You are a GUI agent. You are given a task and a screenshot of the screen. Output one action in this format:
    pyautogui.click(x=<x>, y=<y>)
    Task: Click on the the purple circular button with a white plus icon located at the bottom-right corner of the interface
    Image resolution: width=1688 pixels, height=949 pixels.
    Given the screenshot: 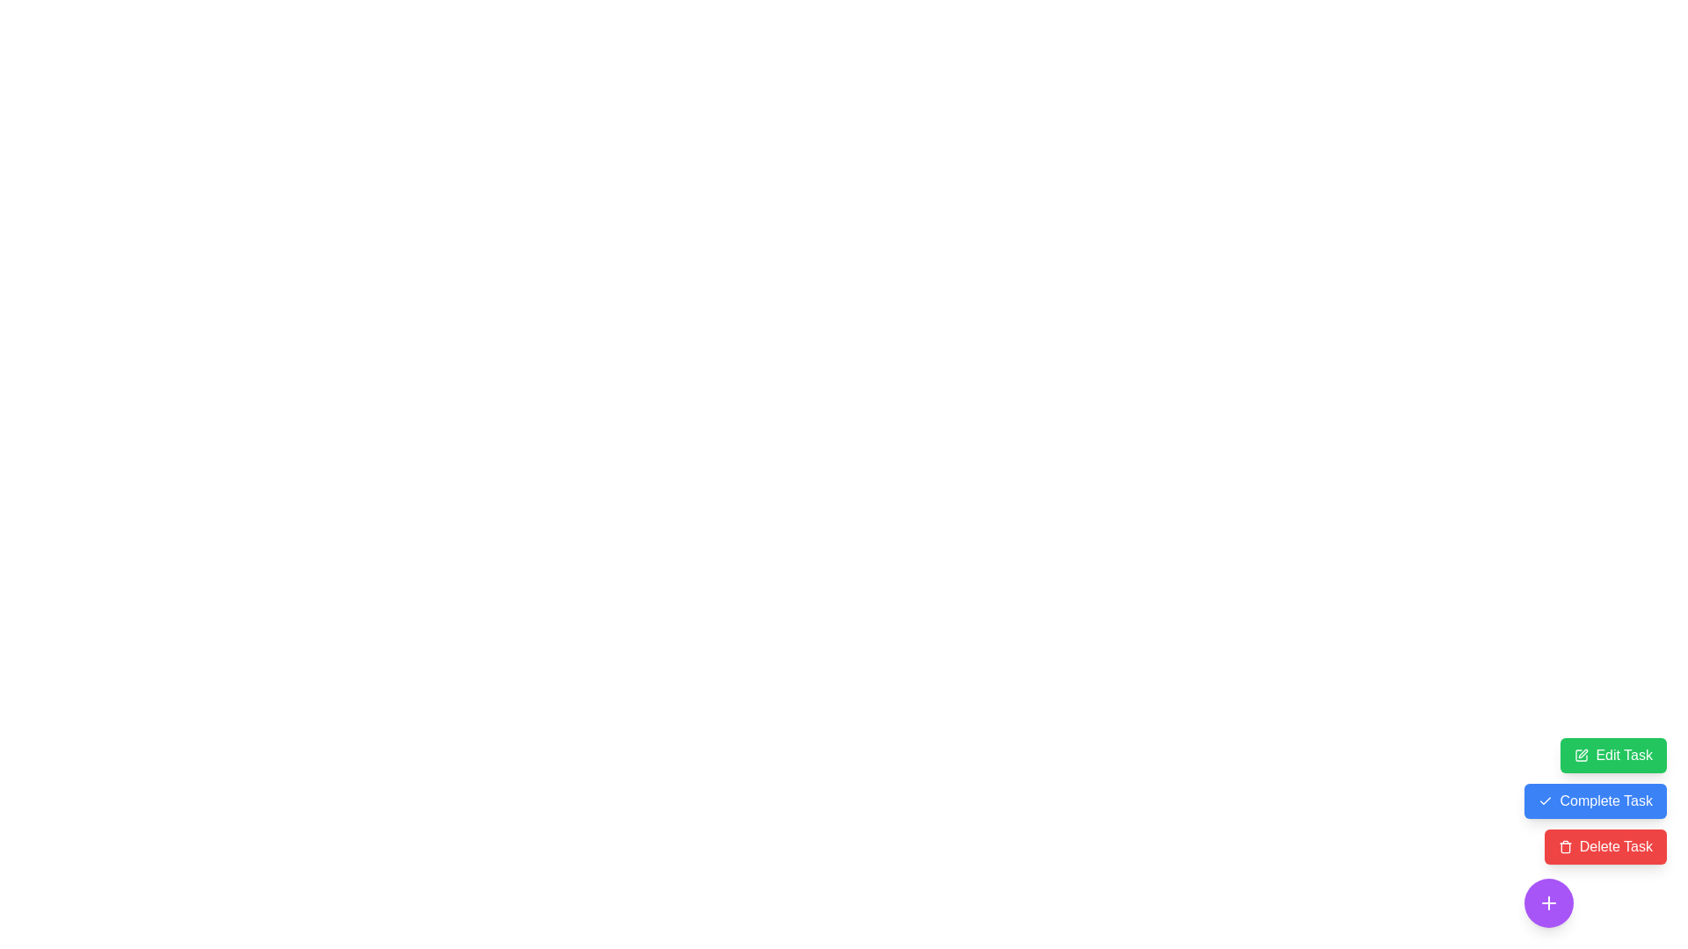 What is the action you would take?
    pyautogui.click(x=1549, y=903)
    